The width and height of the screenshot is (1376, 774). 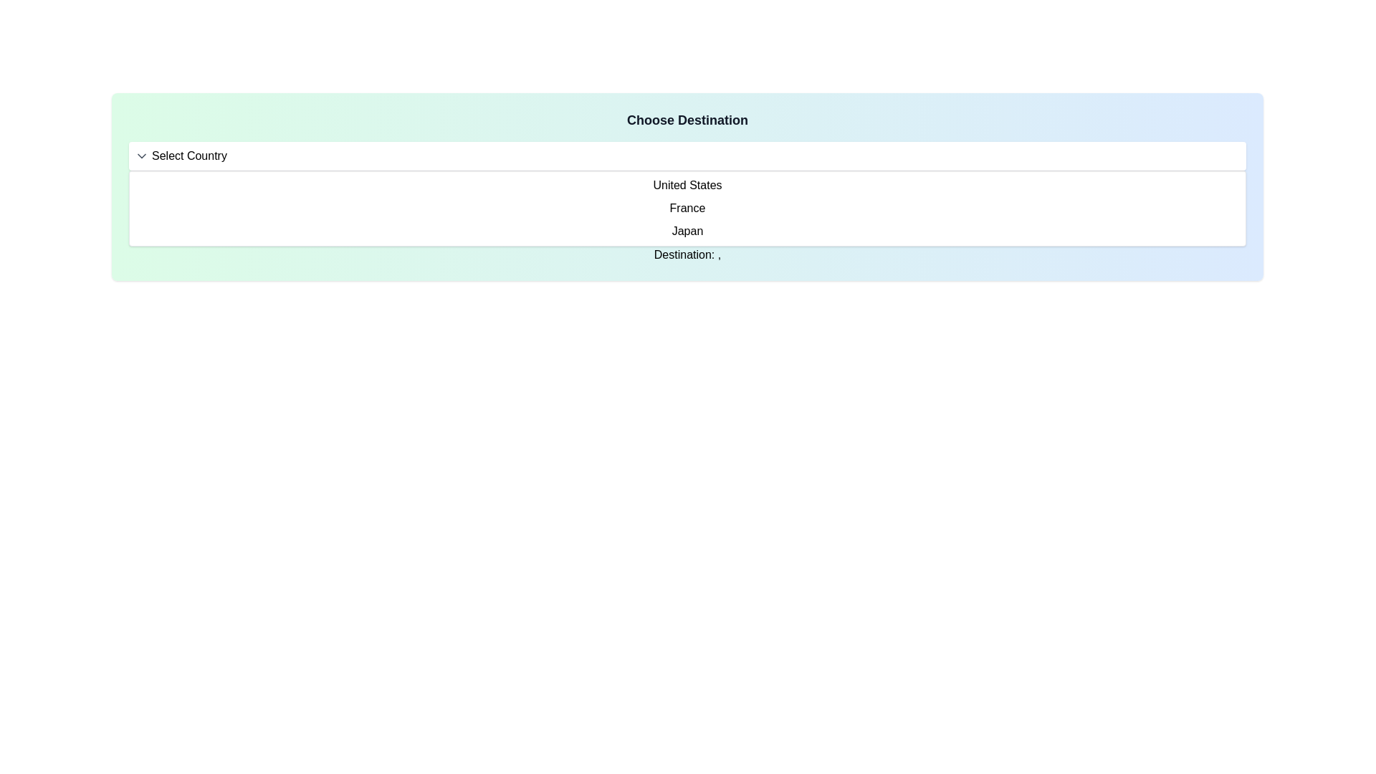 What do you see at coordinates (687, 184) in the screenshot?
I see `the first selectable list item labeled 'United States' in the country selection menu` at bounding box center [687, 184].